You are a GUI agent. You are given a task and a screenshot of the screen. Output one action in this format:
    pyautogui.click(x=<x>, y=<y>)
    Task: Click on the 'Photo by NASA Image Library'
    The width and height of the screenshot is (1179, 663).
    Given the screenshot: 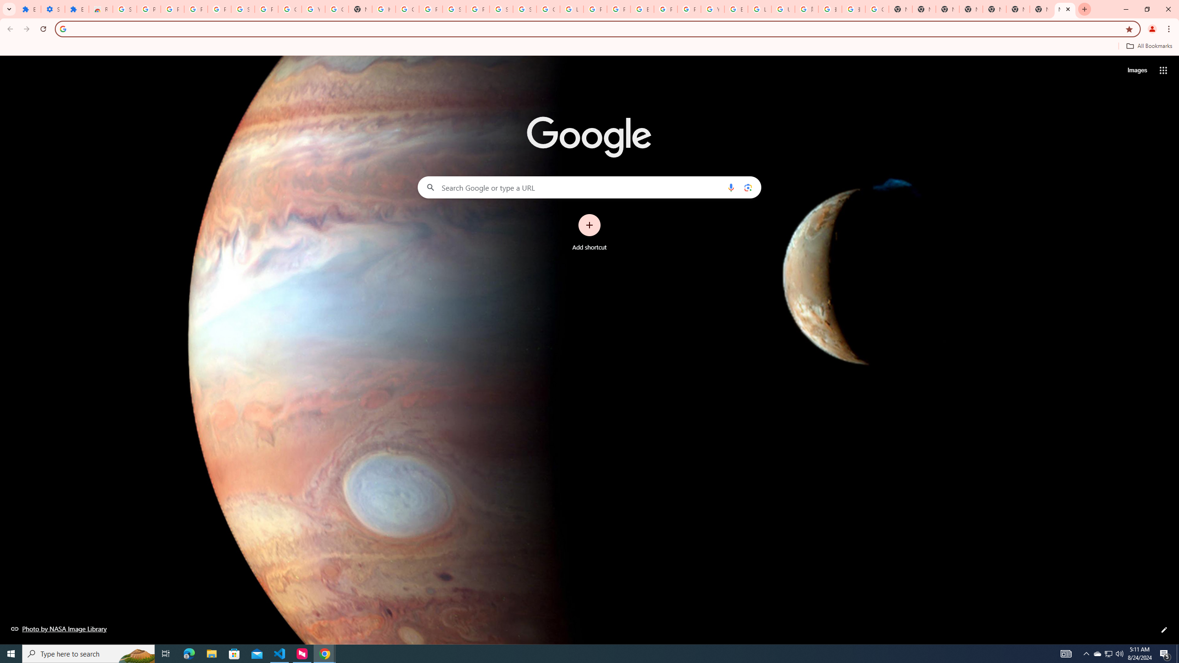 What is the action you would take?
    pyautogui.click(x=58, y=628)
    